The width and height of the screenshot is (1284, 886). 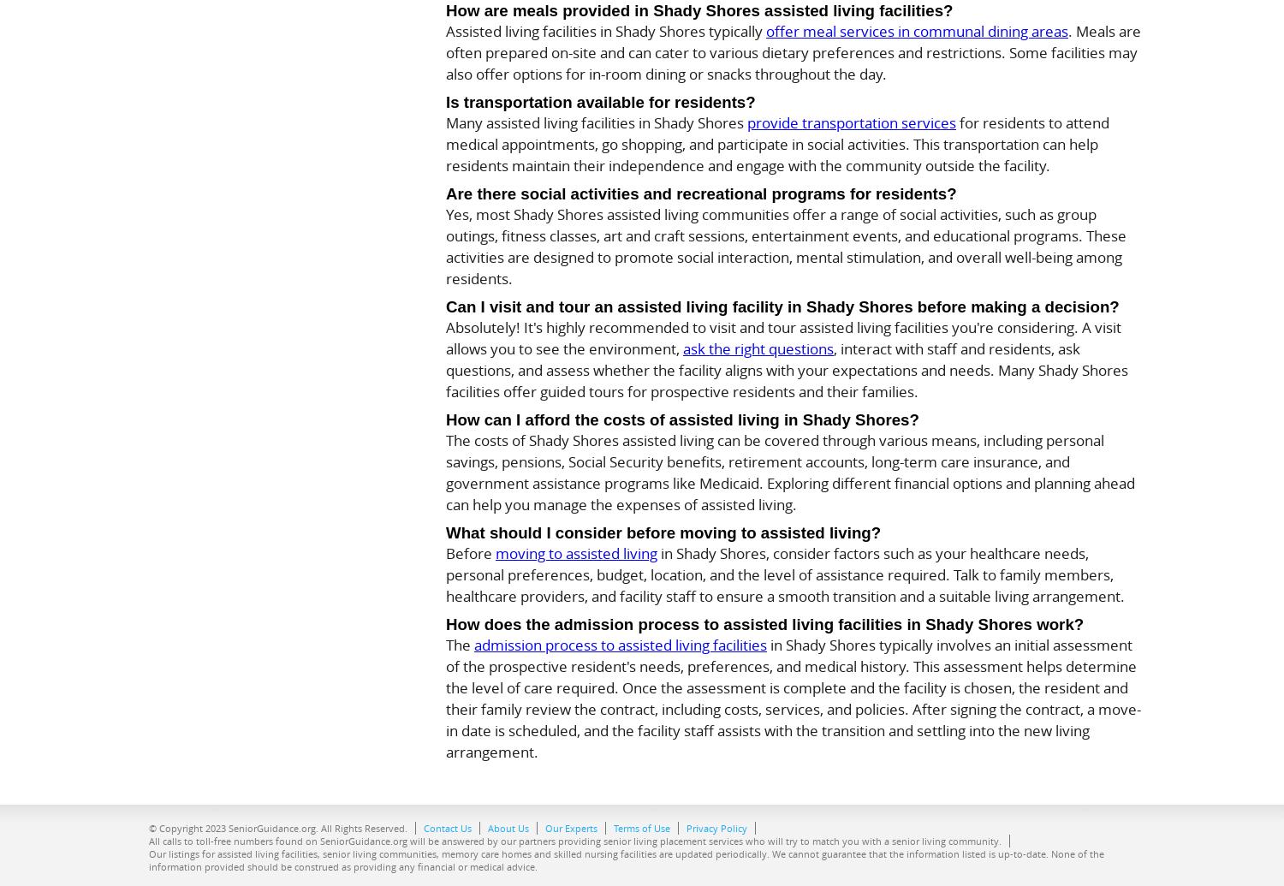 What do you see at coordinates (473, 644) in the screenshot?
I see `'admission process to assisted living facilities'` at bounding box center [473, 644].